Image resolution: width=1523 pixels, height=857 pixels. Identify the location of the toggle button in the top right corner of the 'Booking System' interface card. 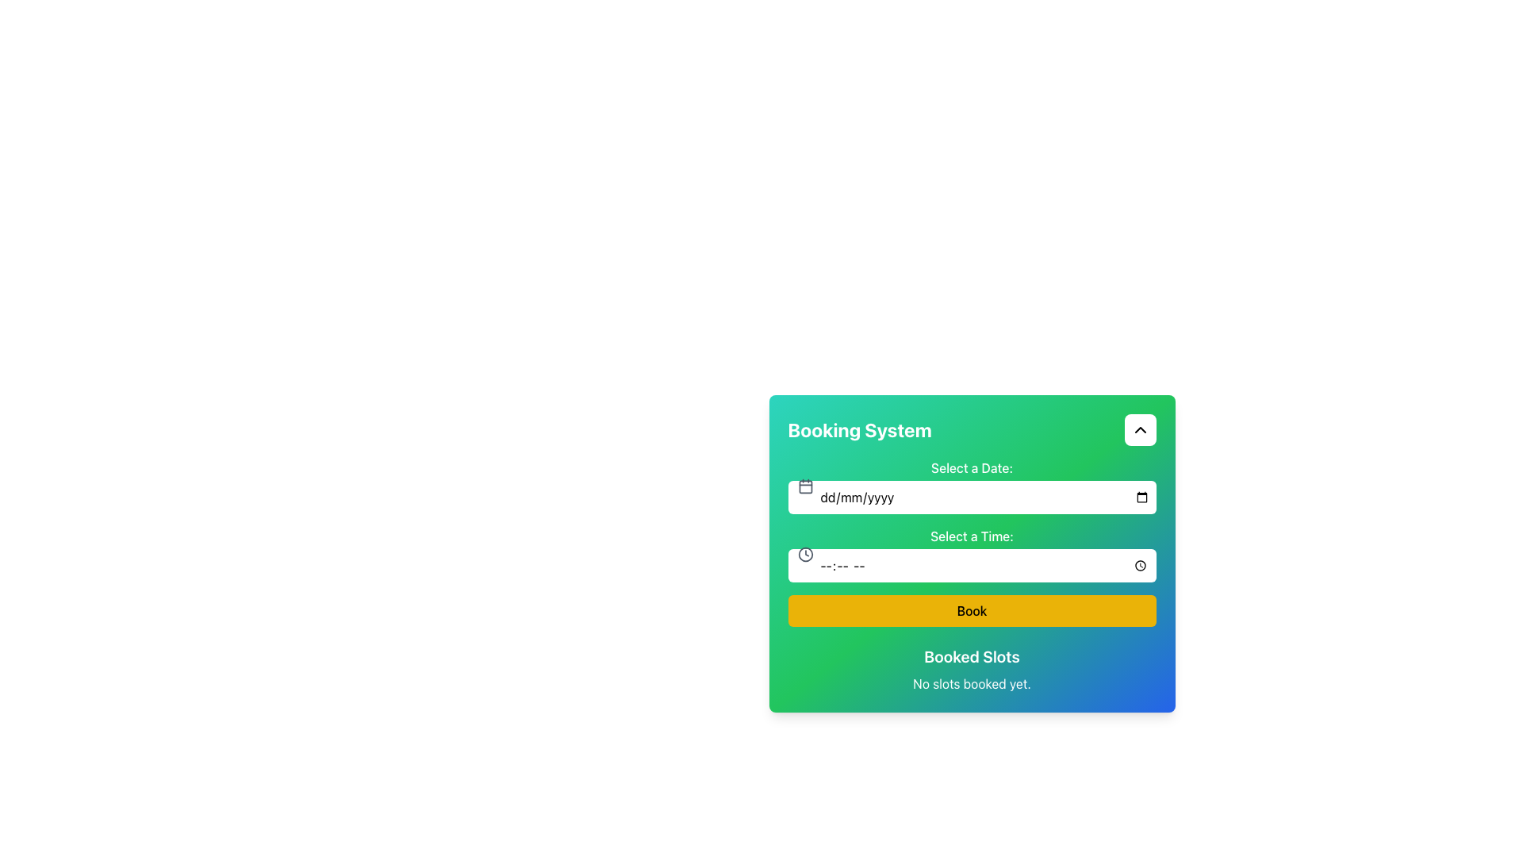
(1139, 430).